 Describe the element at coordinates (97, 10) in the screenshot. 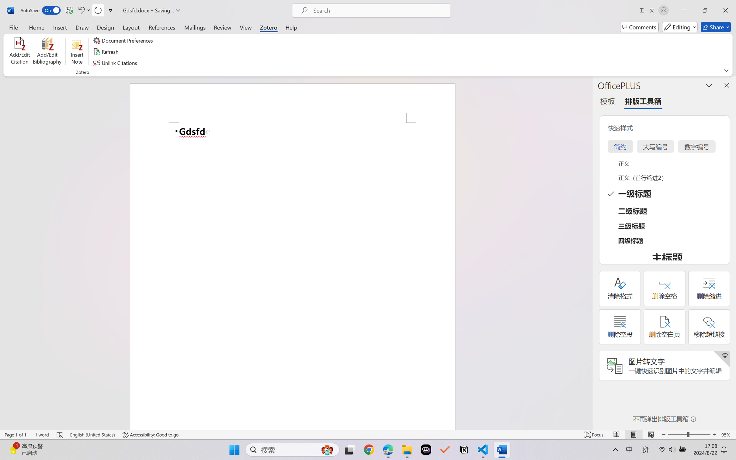

I see `'Repeat Style'` at that location.